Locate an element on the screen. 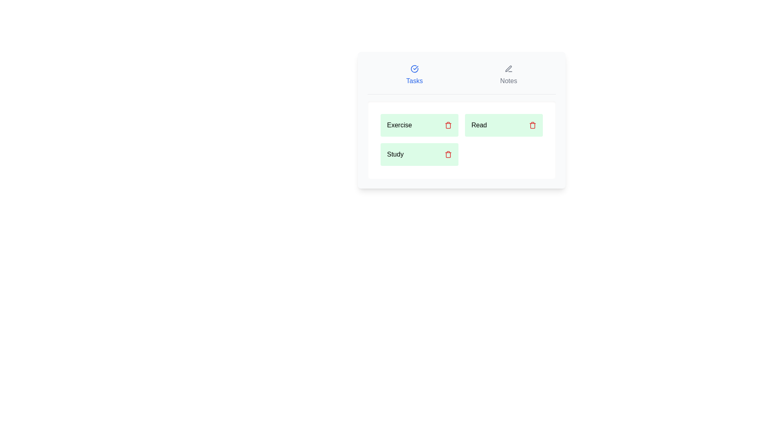  the Tasks tab by clicking its button is located at coordinates (414, 75).